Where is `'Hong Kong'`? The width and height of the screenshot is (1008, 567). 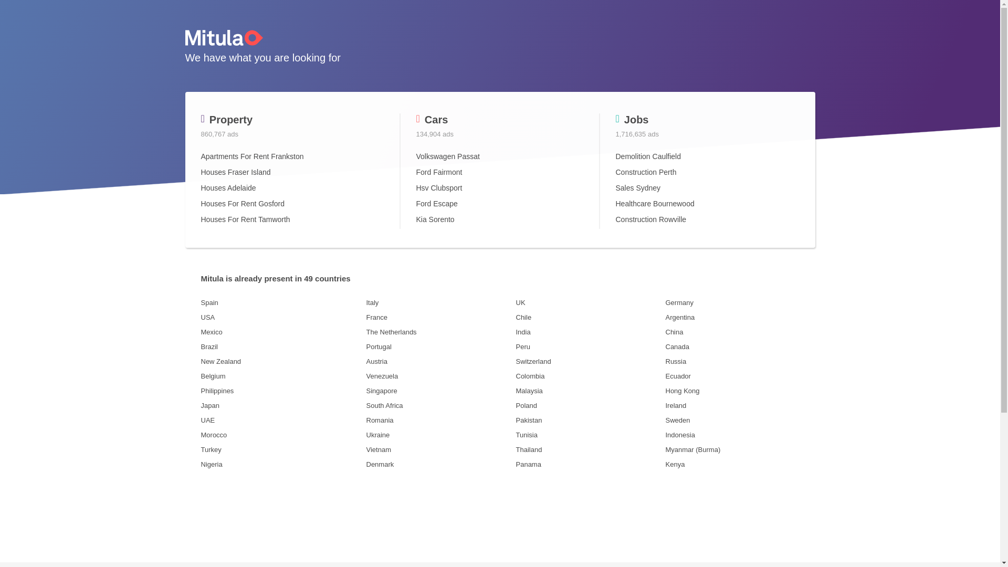
'Hong Kong' is located at coordinates (732, 391).